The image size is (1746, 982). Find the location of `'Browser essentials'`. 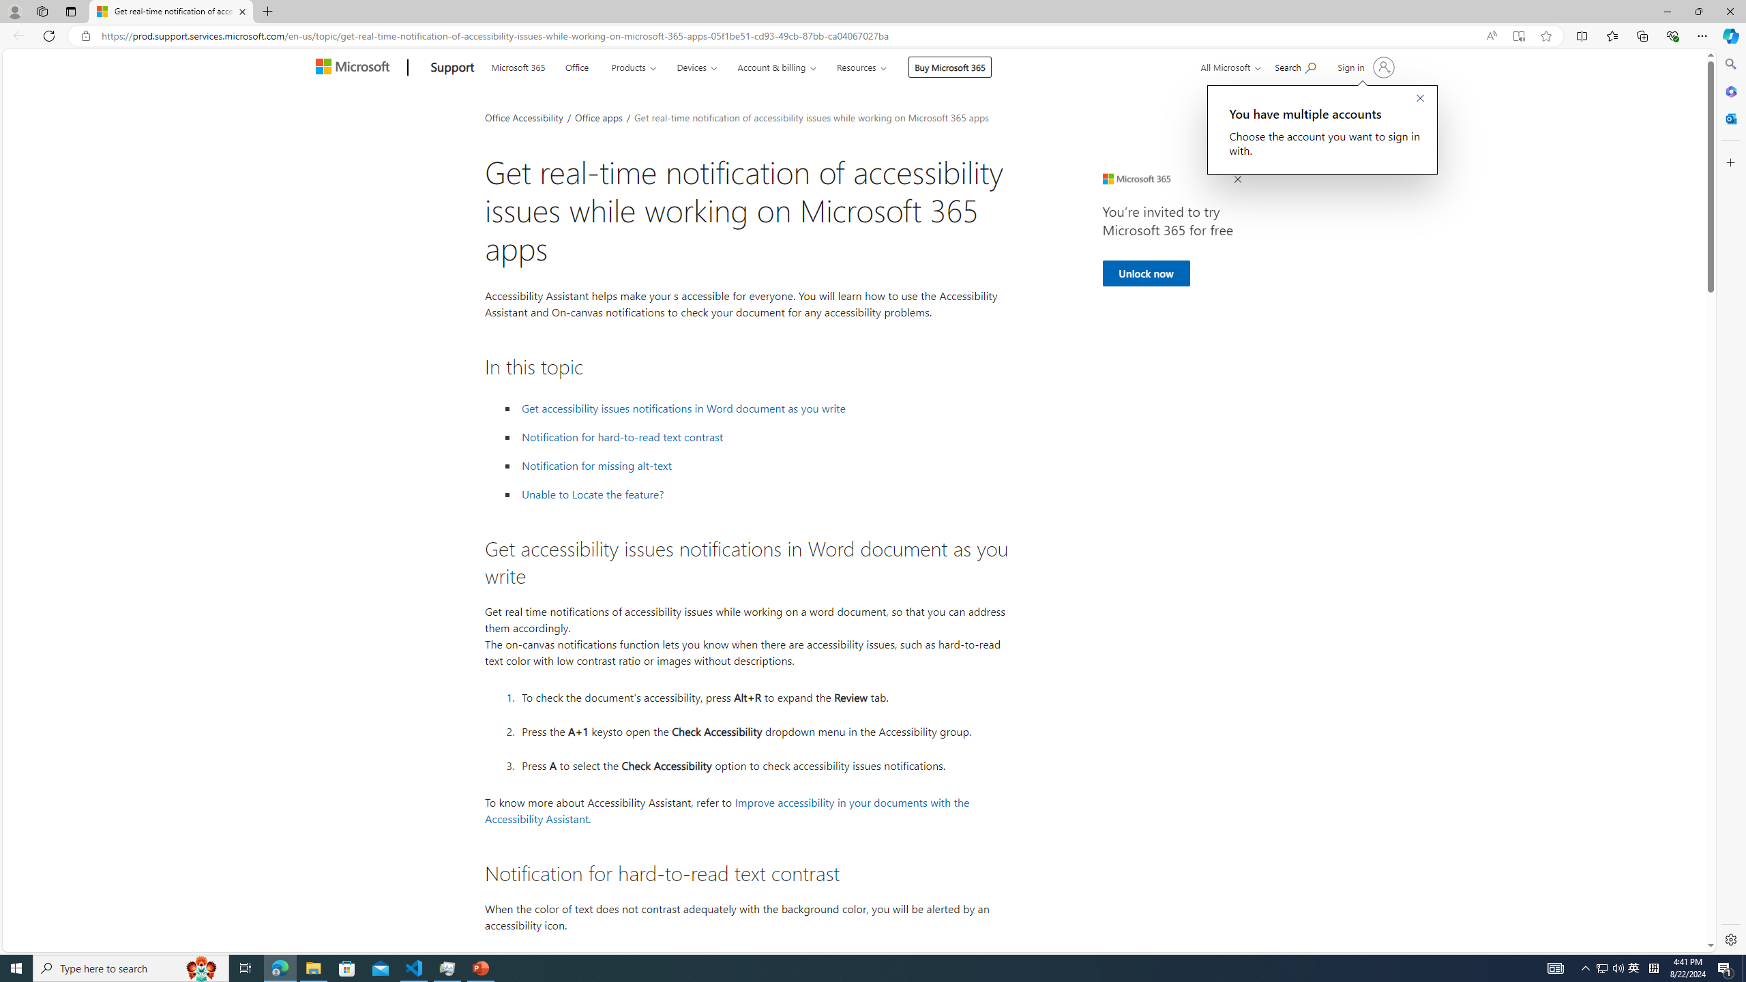

'Browser essentials' is located at coordinates (1672, 35).